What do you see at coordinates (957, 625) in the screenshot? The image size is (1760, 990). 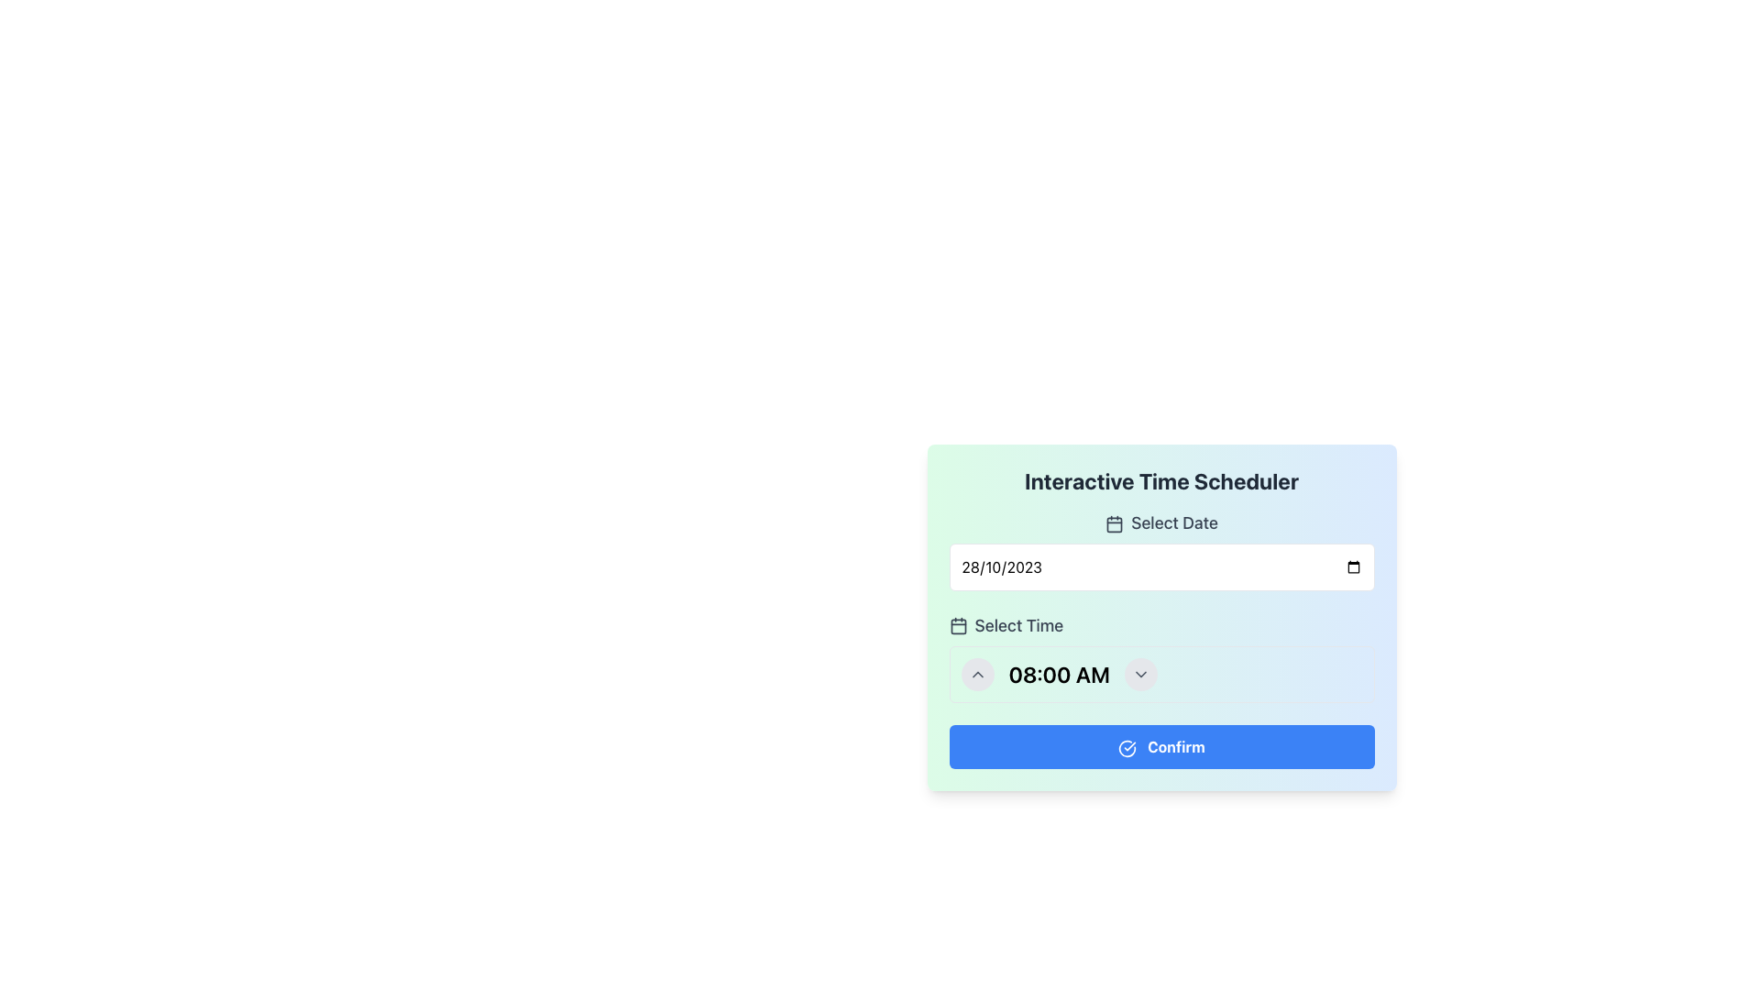 I see `the square visual element with rounded corners located at the center of the calendar icon within the 'Select Date' input field in the header of the scheduler interface` at bounding box center [957, 625].